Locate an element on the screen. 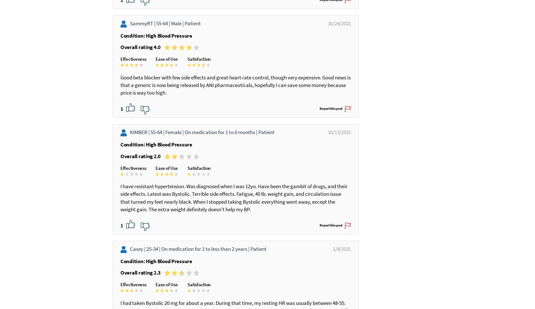 Image resolution: width=535 pixels, height=309 pixels. 'Good beta blocker with few side effects and great heart rate control, though very expensive. Good news is that a generic is now being released by ANI pharmaceuticals, hopefully I can save some money because price is way too high.' is located at coordinates (227, 100).